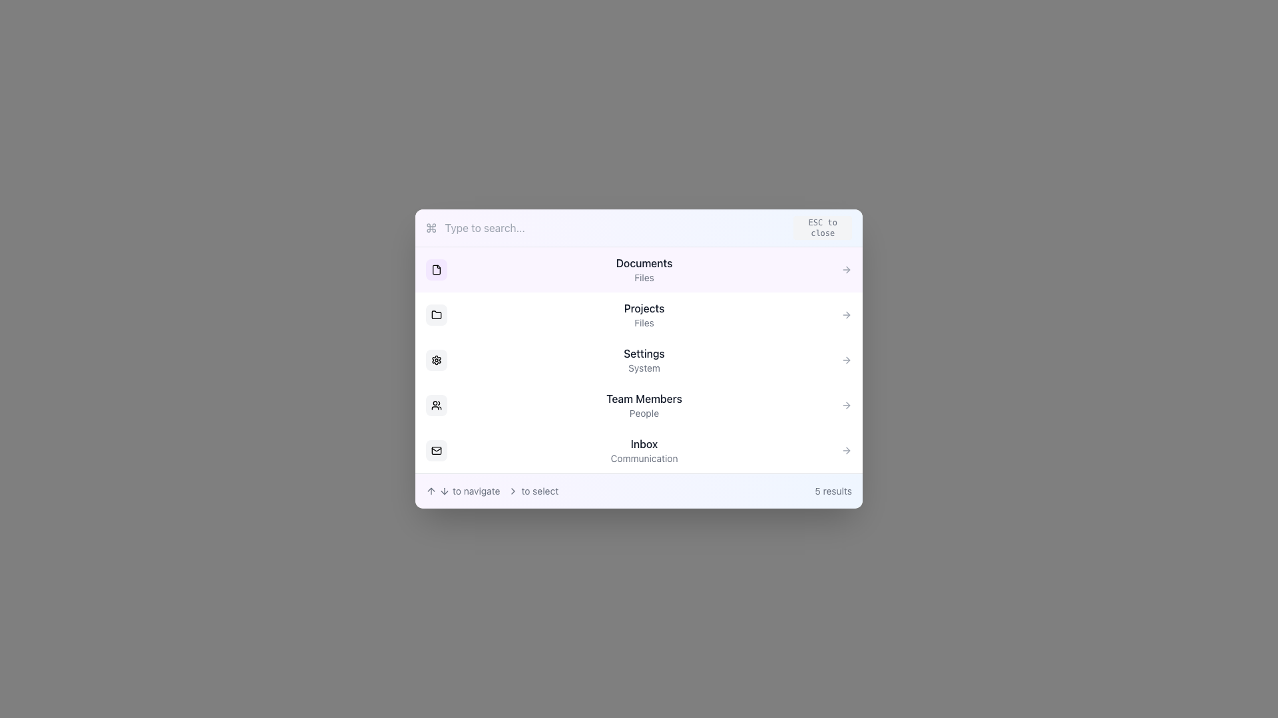  I want to click on the arrowhead icon located at the far-right edge of the 'Team Members' list item, so click(847, 404).